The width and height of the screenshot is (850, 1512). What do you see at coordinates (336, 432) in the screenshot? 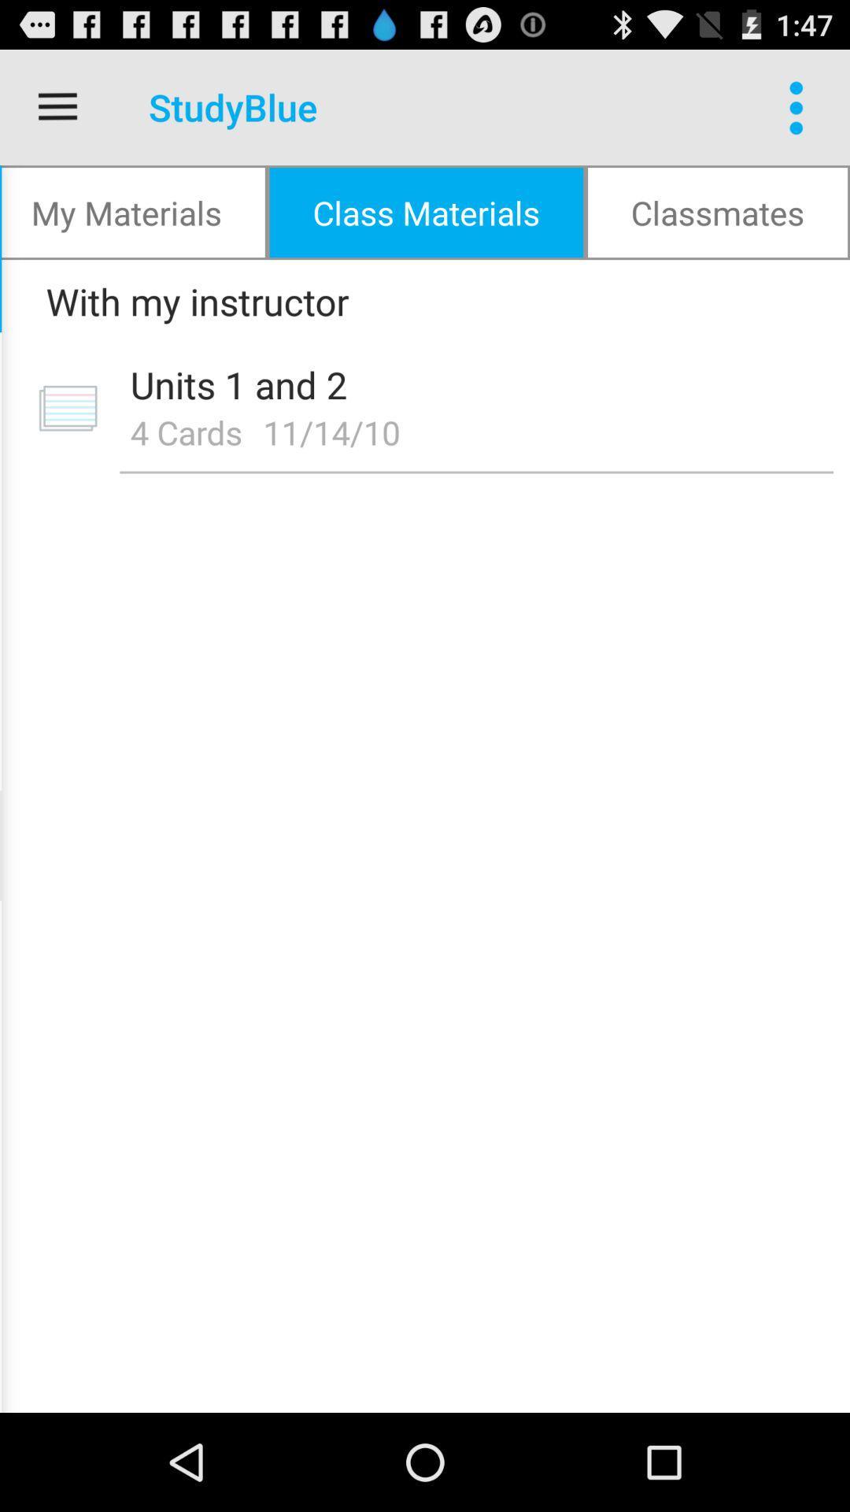
I see `the icon below the units 1 and` at bounding box center [336, 432].